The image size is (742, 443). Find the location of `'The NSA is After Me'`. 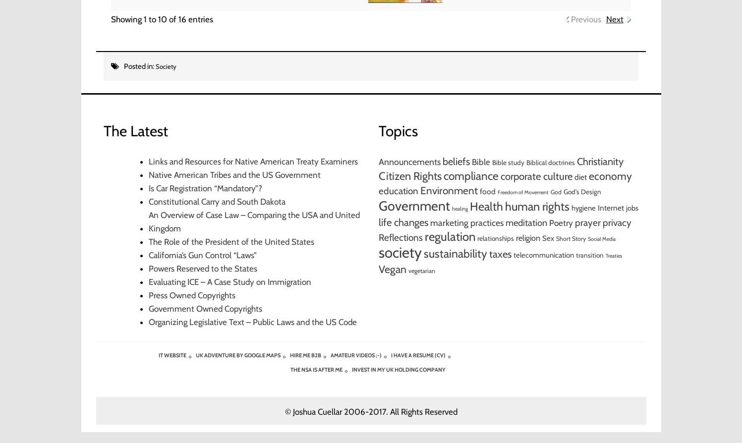

'The NSA is After Me' is located at coordinates (316, 369).